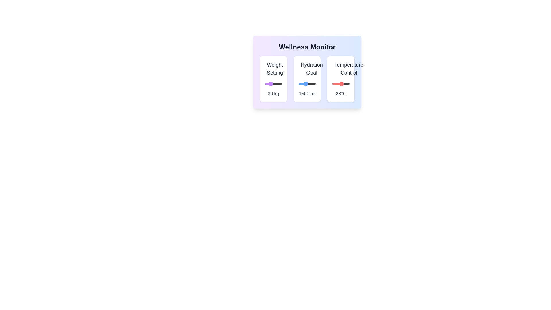 The image size is (551, 310). I want to click on the weight setting, so click(279, 84).